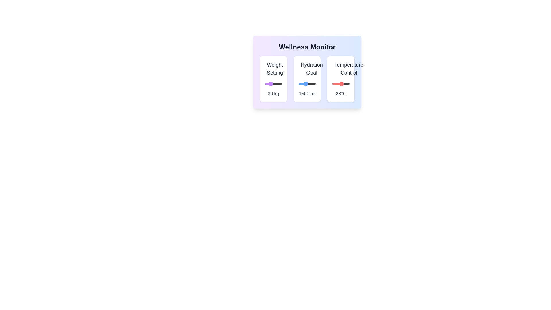 The image size is (551, 310). I want to click on the weight setting, so click(279, 84).